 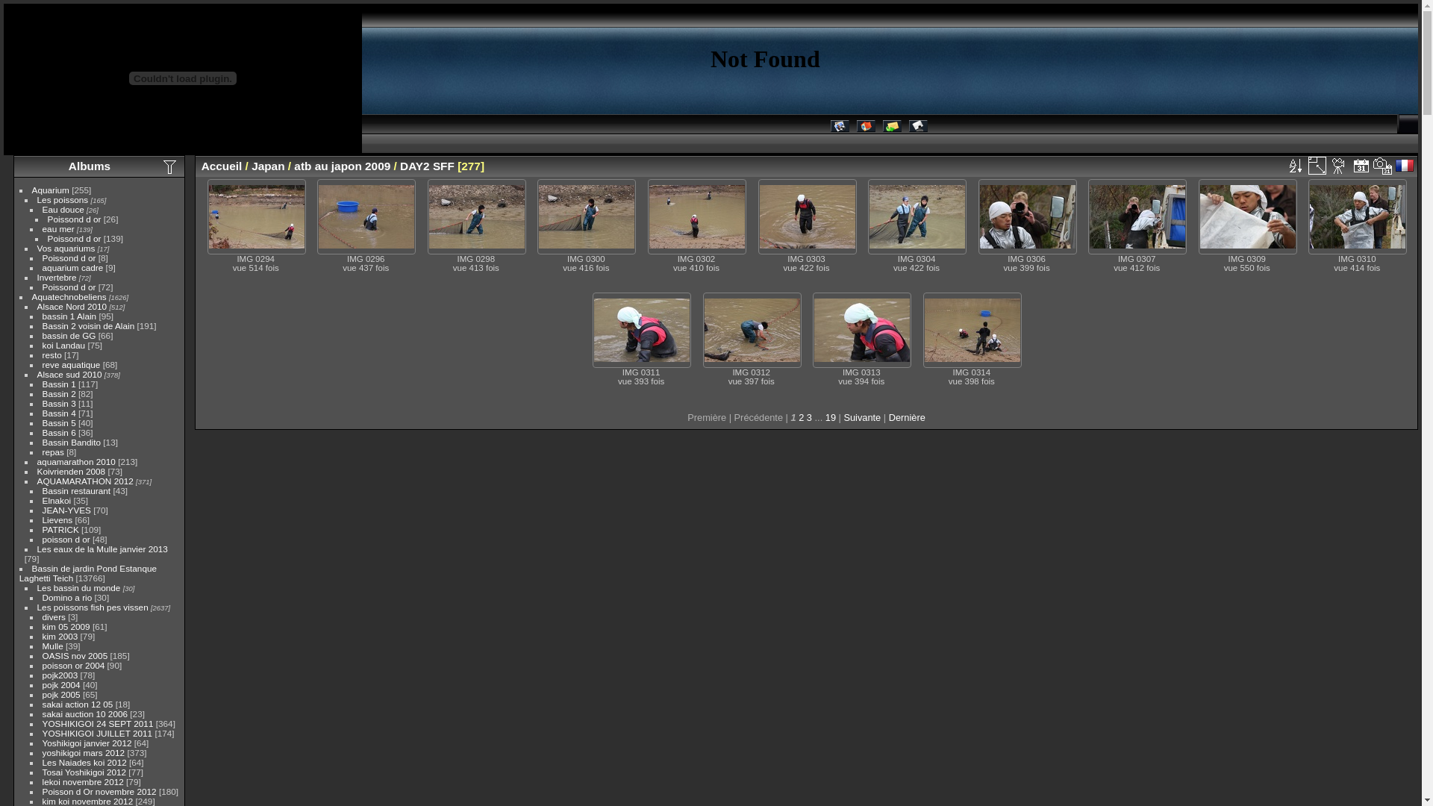 I want to click on 'Accueil', so click(x=221, y=166).